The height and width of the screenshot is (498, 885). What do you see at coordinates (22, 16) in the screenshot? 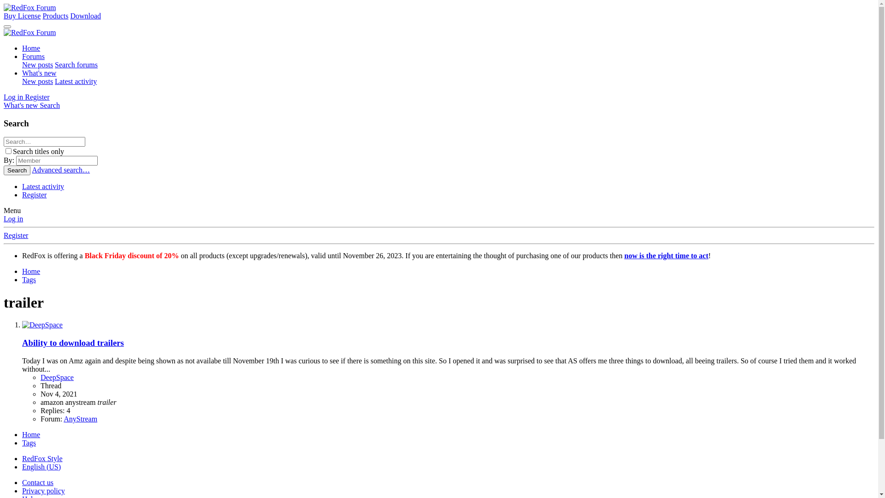
I see `'Buy License'` at bounding box center [22, 16].